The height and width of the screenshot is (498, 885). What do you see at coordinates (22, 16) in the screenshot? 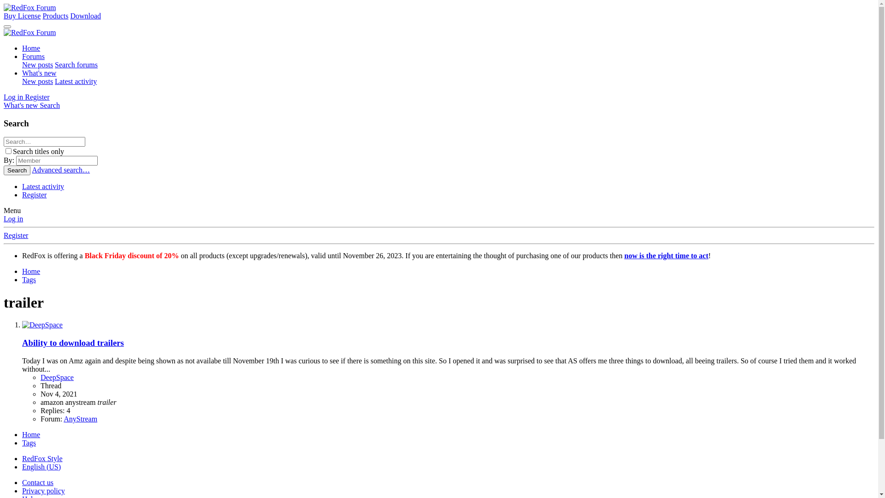
I see `'Buy License'` at bounding box center [22, 16].